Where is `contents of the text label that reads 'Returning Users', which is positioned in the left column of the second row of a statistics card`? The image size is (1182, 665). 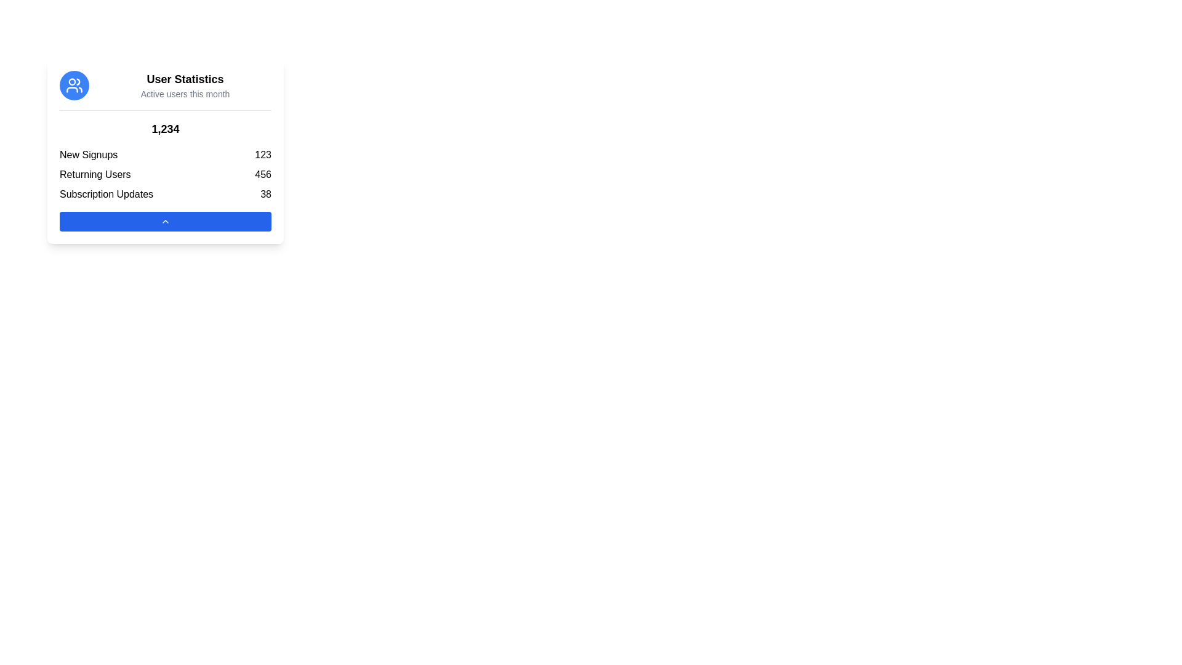
contents of the text label that reads 'Returning Users', which is positioned in the left column of the second row of a statistics card is located at coordinates (94, 175).